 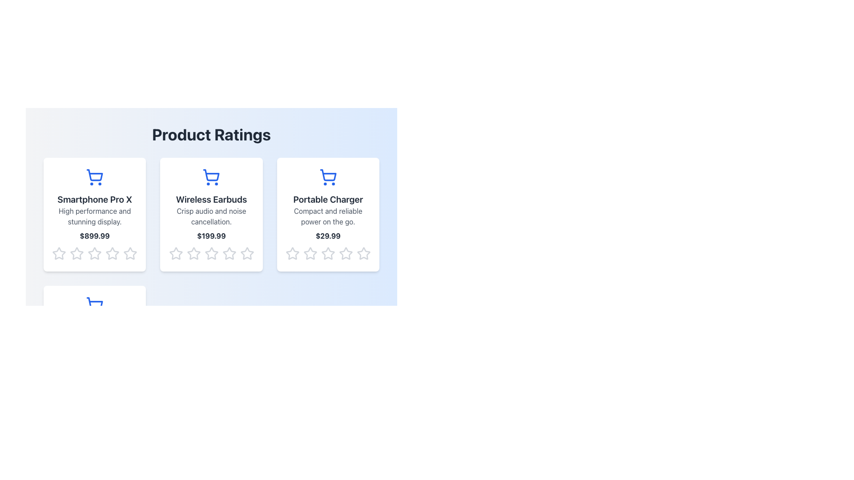 I want to click on the first interactive rating star icon outlined in light gray located below the 'Smartphone Pro X' card for action confirmation, so click(x=95, y=253).